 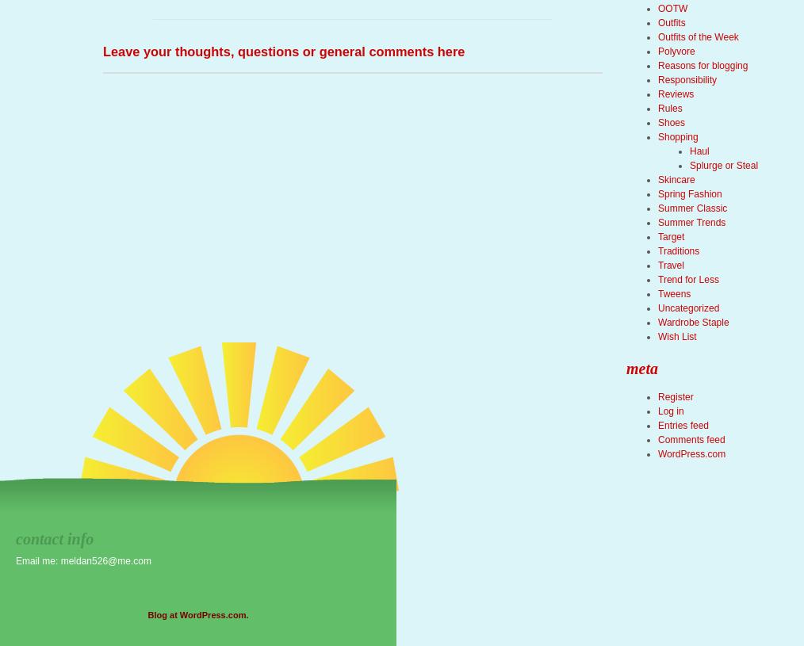 What do you see at coordinates (676, 337) in the screenshot?
I see `'Wish List'` at bounding box center [676, 337].